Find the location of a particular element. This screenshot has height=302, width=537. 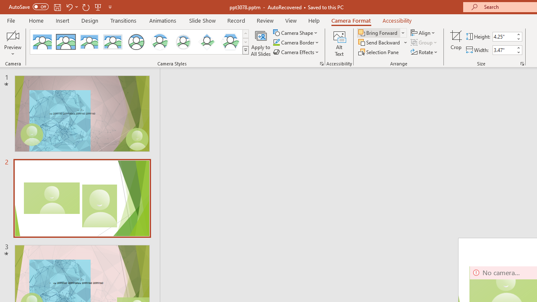

'Bring Forward' is located at coordinates (378, 32).